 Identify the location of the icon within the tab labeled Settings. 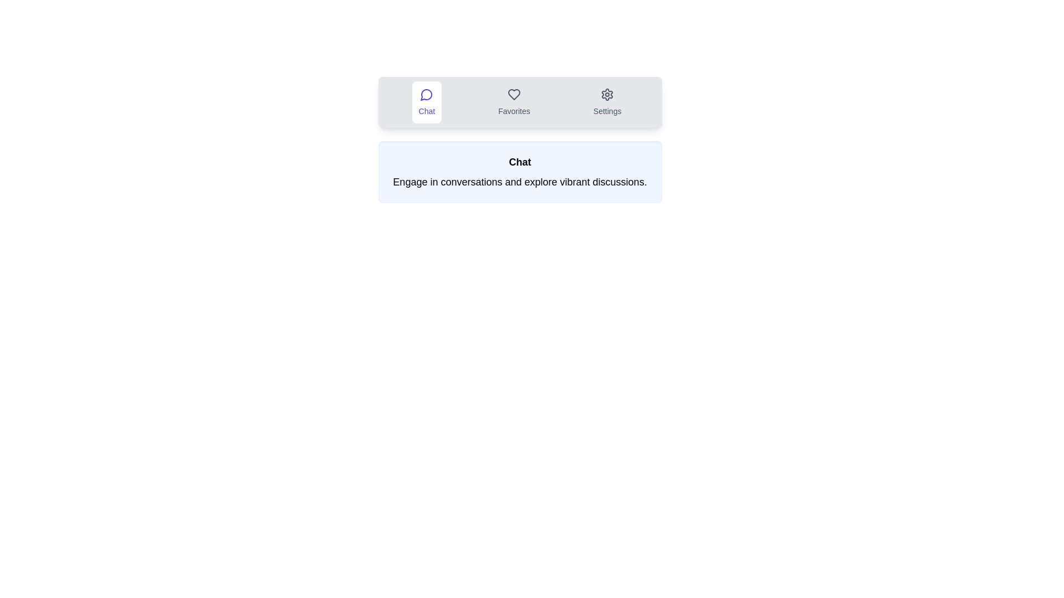
(607, 102).